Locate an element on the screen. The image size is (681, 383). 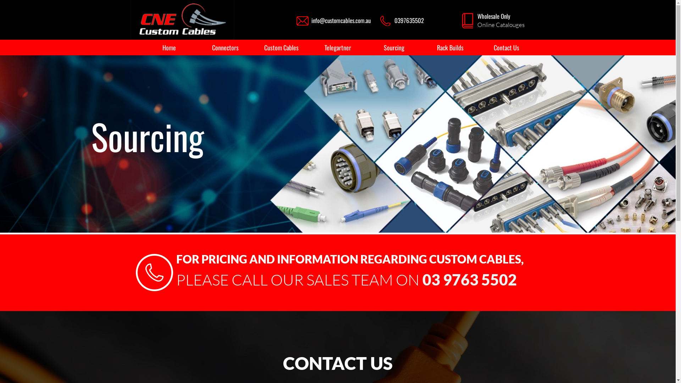
'Custom Cables' is located at coordinates (281, 48).